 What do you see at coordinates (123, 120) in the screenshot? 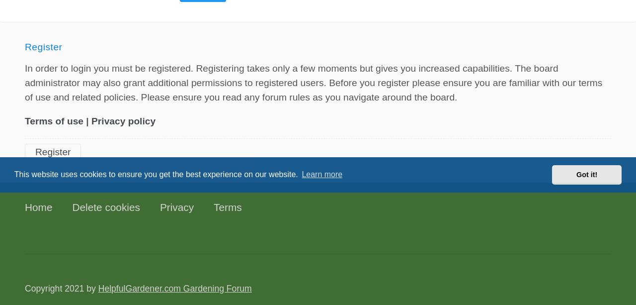
I see `'Privacy policy'` at bounding box center [123, 120].